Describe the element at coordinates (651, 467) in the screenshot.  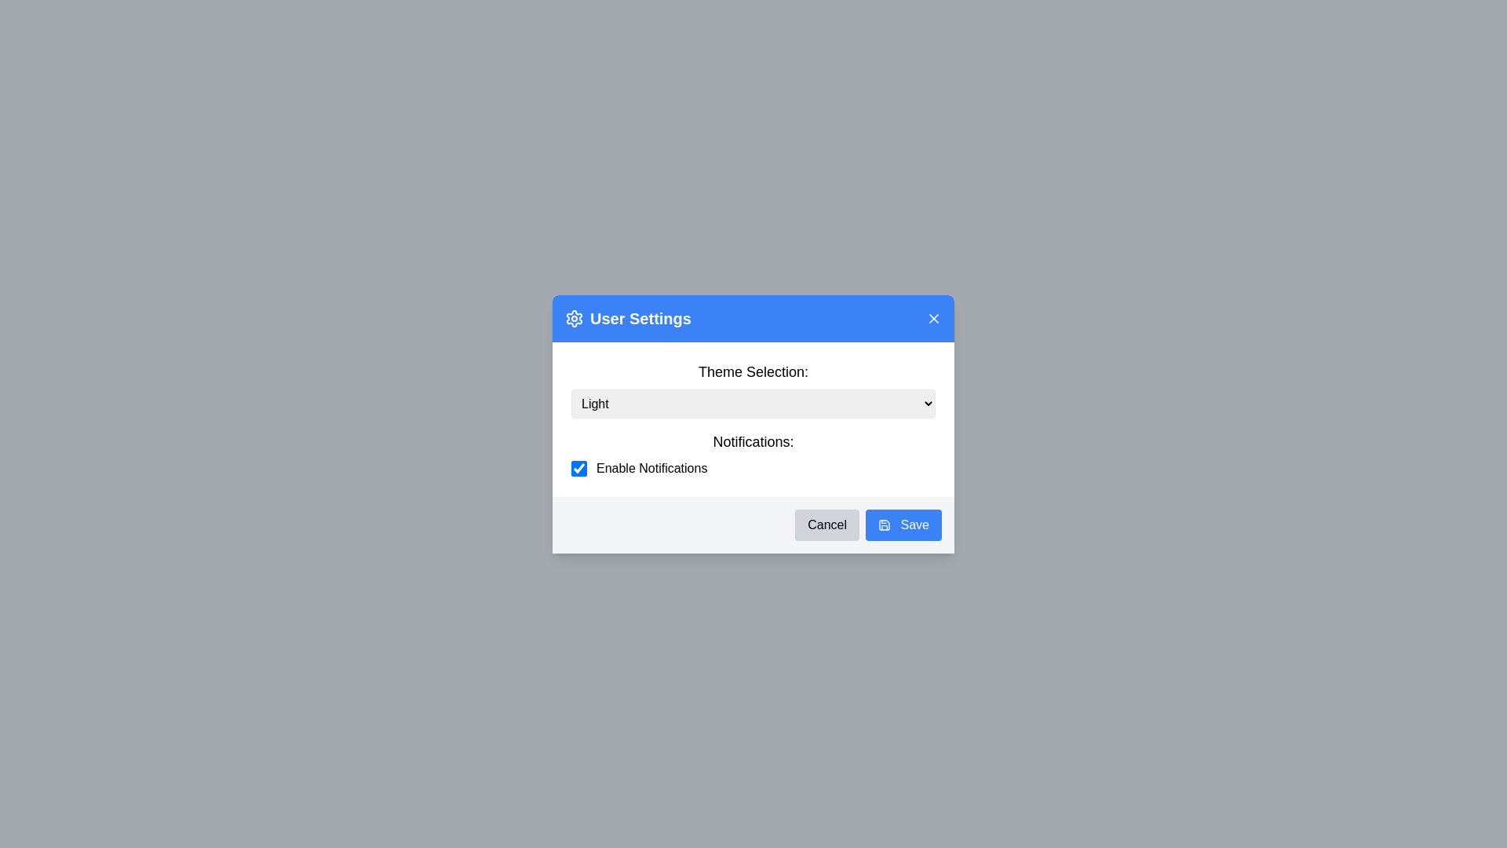
I see `text content of the label that says 'Enable Notifications', which is positioned to the right of a checkbox and aligned vertically in the middle of its modal` at that location.